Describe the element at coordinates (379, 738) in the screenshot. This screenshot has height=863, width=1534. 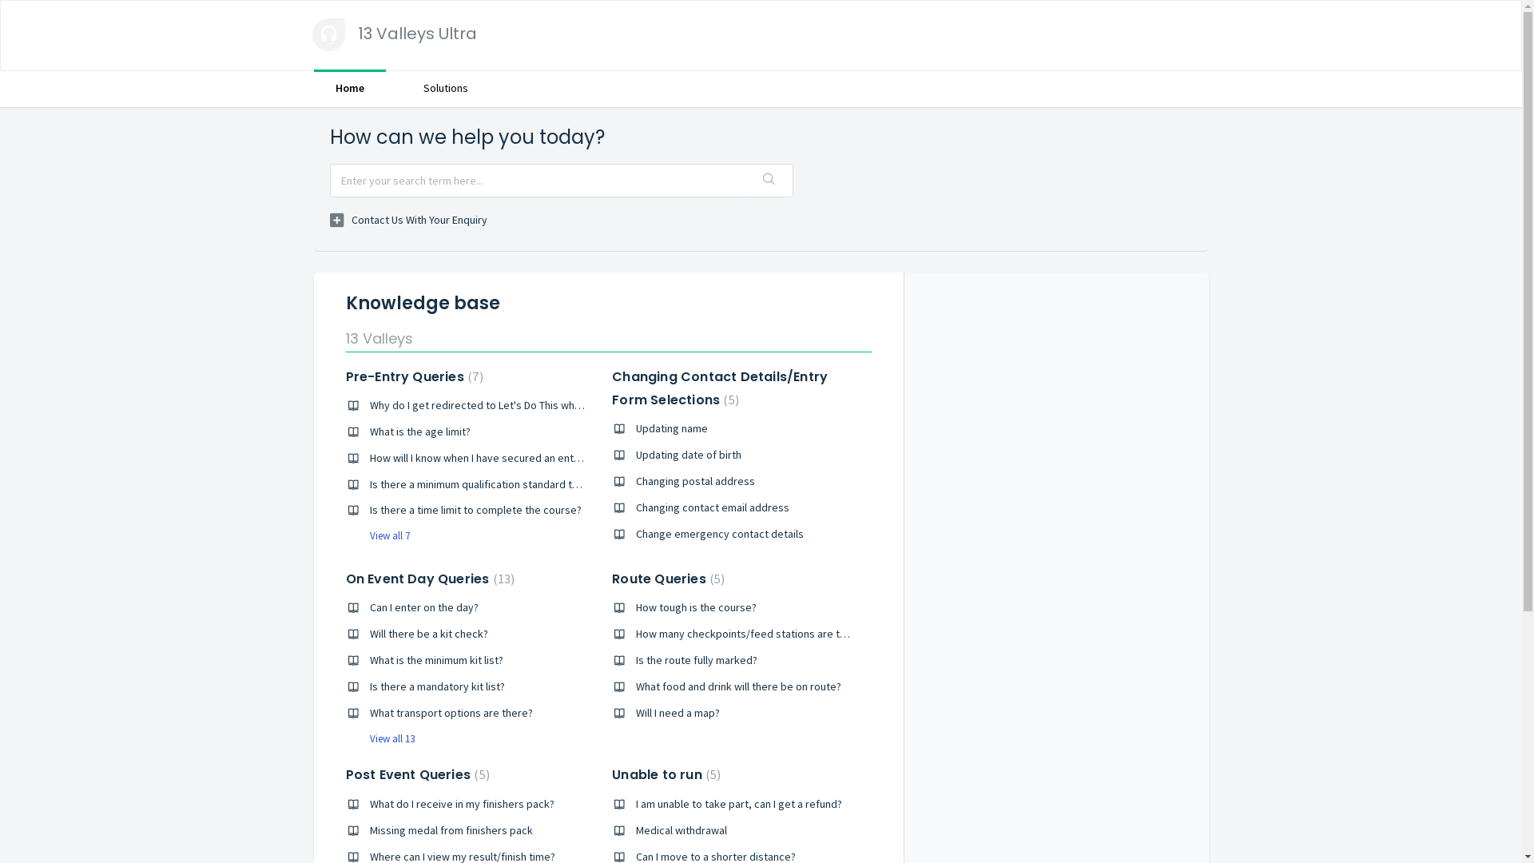
I see `'View all 13'` at that location.